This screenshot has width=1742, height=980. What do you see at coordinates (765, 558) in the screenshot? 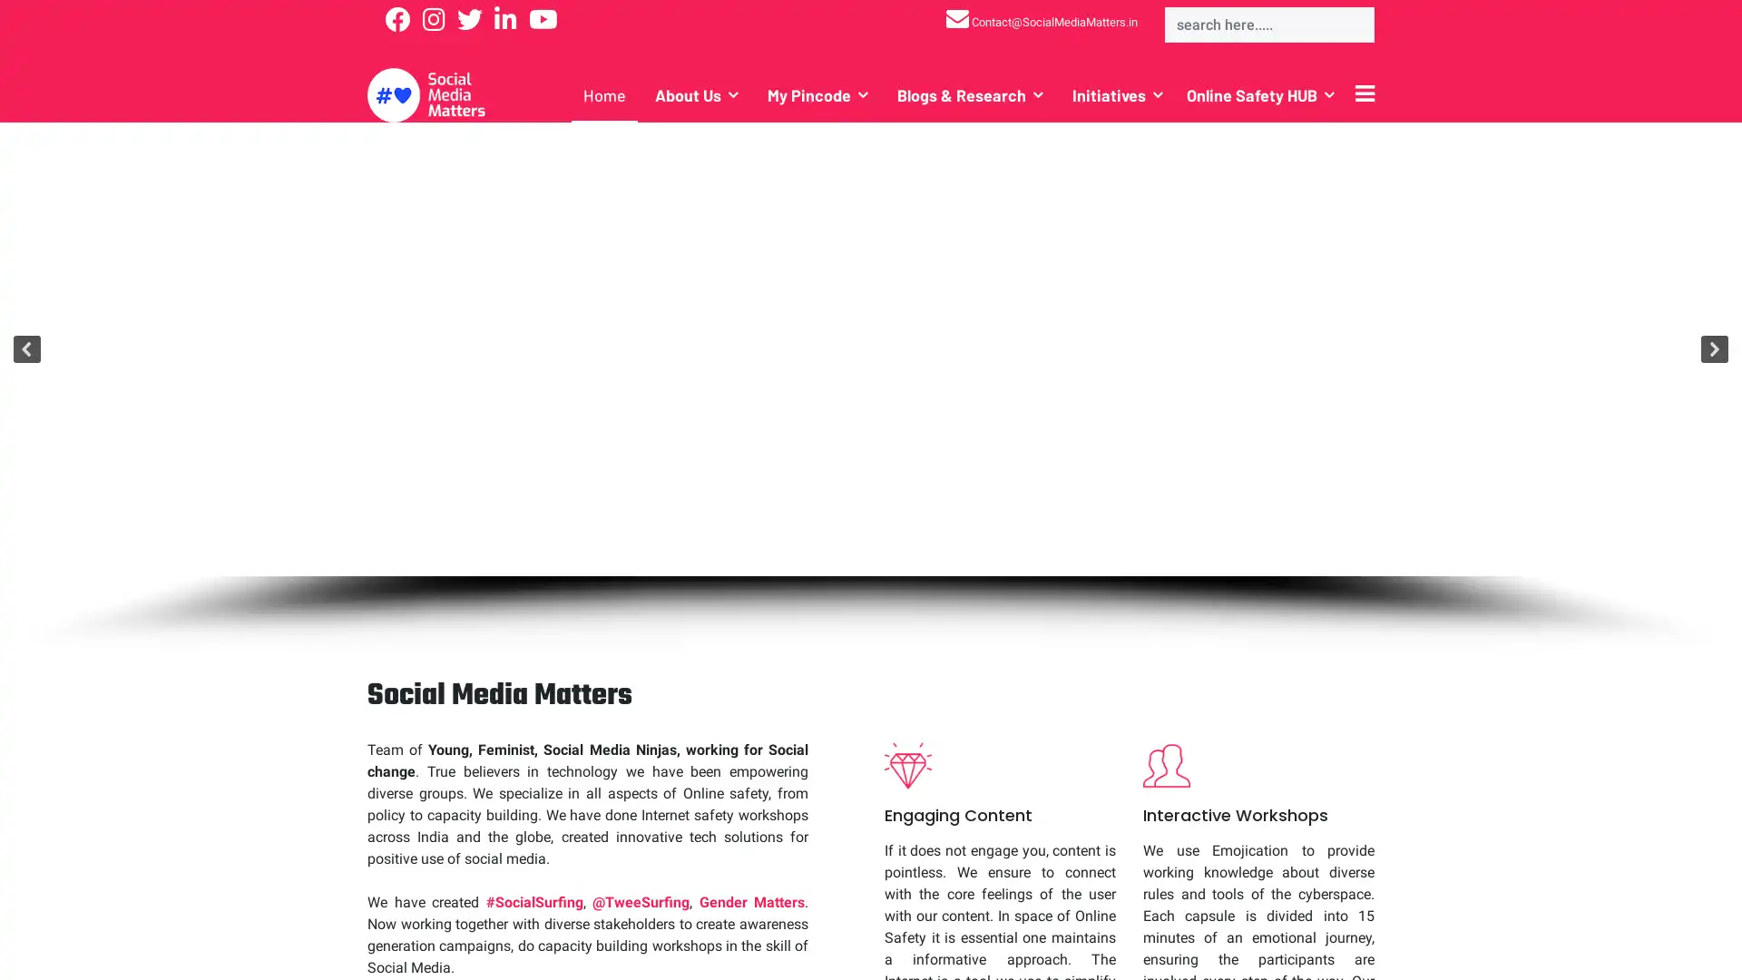
I see `Be-Aware-India-Tour.jpg` at bounding box center [765, 558].